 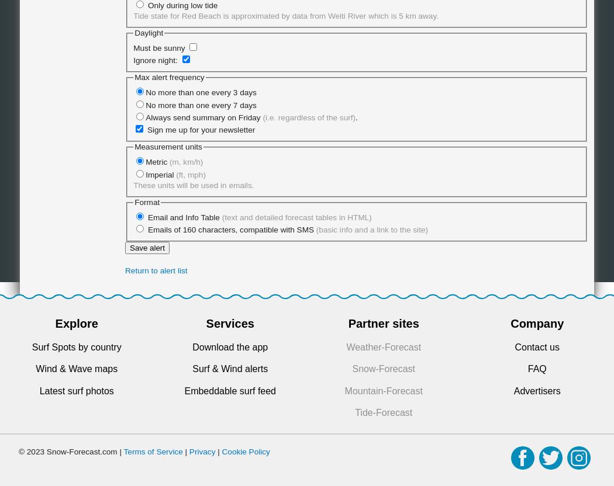 What do you see at coordinates (70, 451) in the screenshot?
I see `'© 2023 Snow-Forecast.com |'` at bounding box center [70, 451].